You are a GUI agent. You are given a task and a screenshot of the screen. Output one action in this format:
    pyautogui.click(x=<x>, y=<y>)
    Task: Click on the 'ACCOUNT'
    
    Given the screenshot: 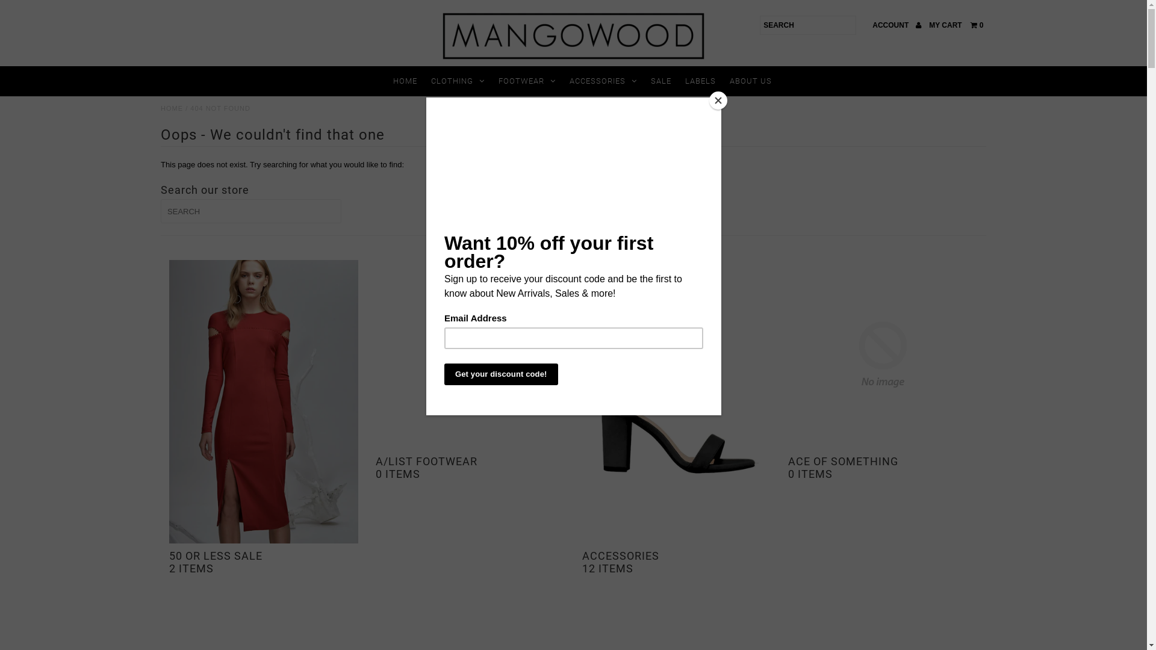 What is the action you would take?
    pyautogui.click(x=896, y=25)
    